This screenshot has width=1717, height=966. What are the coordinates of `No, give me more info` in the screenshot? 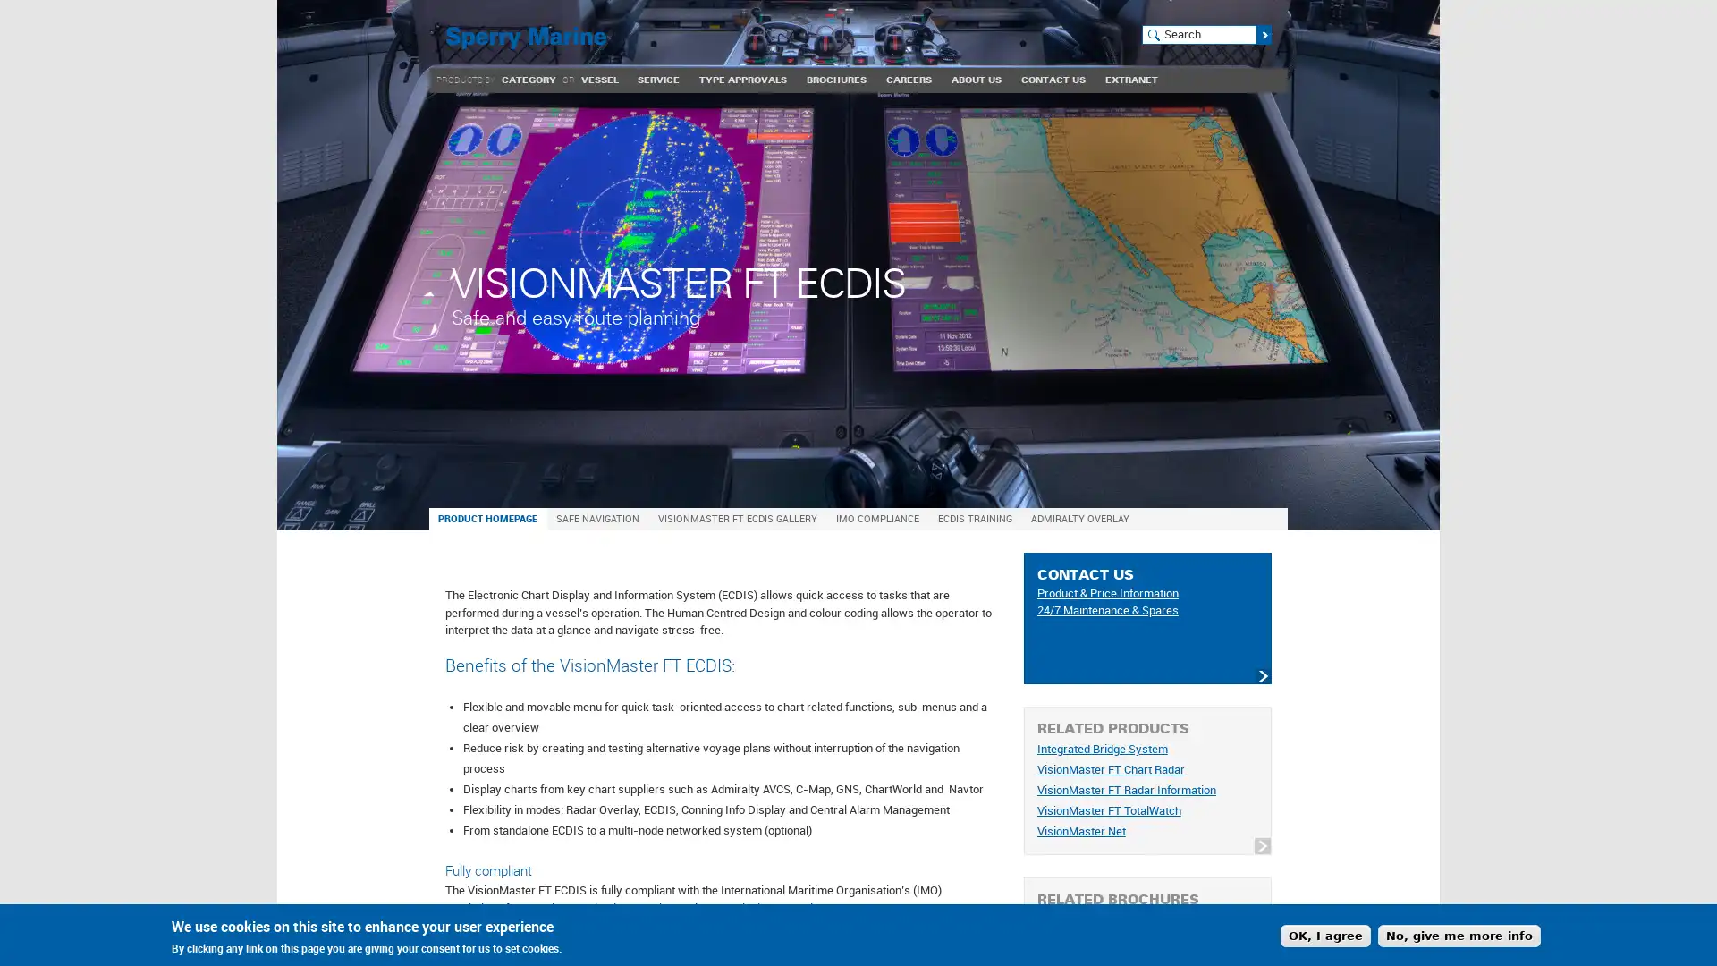 It's located at (1459, 935).